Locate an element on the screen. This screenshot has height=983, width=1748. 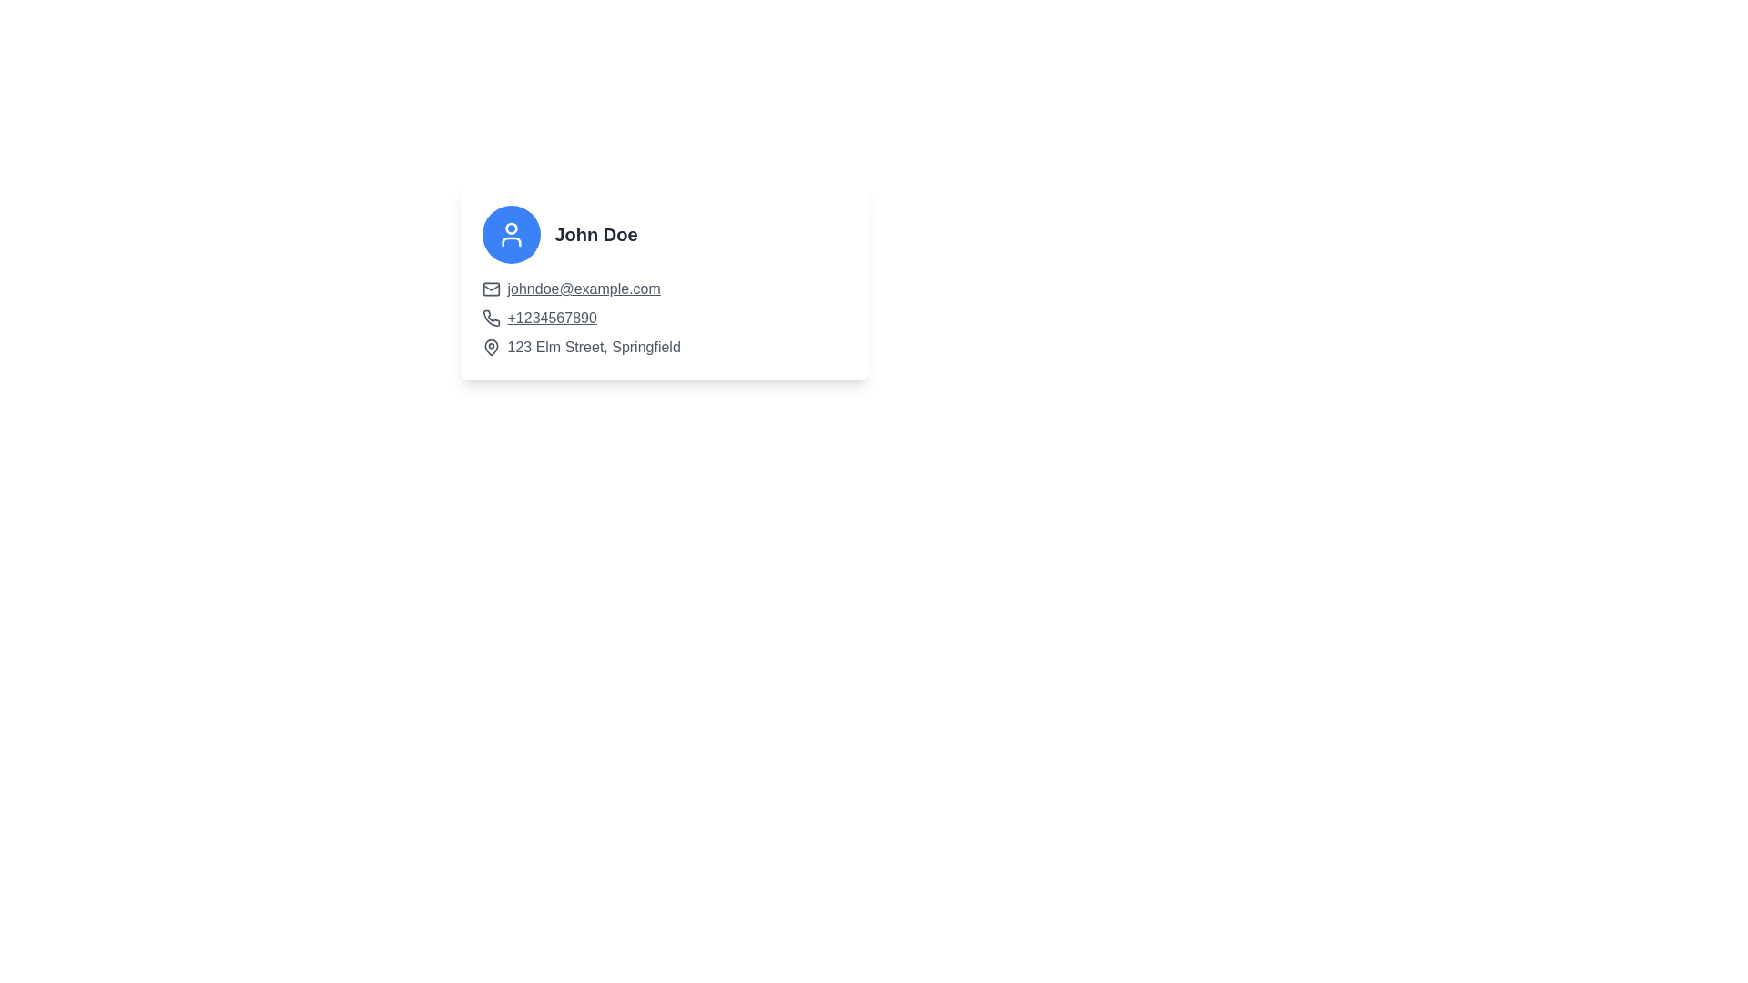
the icon representing the location before the text '123 Elm Street, Springfield' located at the bottom-left of the main info card is located at coordinates (491, 347).